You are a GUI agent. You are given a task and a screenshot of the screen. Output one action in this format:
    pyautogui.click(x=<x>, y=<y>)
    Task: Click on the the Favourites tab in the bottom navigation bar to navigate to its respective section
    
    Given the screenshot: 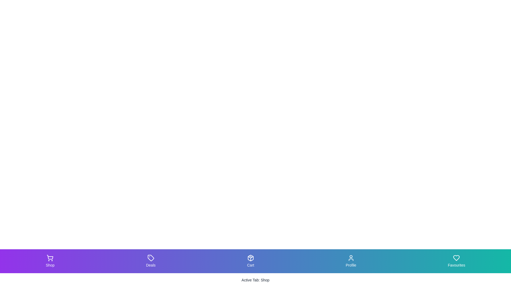 What is the action you would take?
    pyautogui.click(x=456, y=261)
    